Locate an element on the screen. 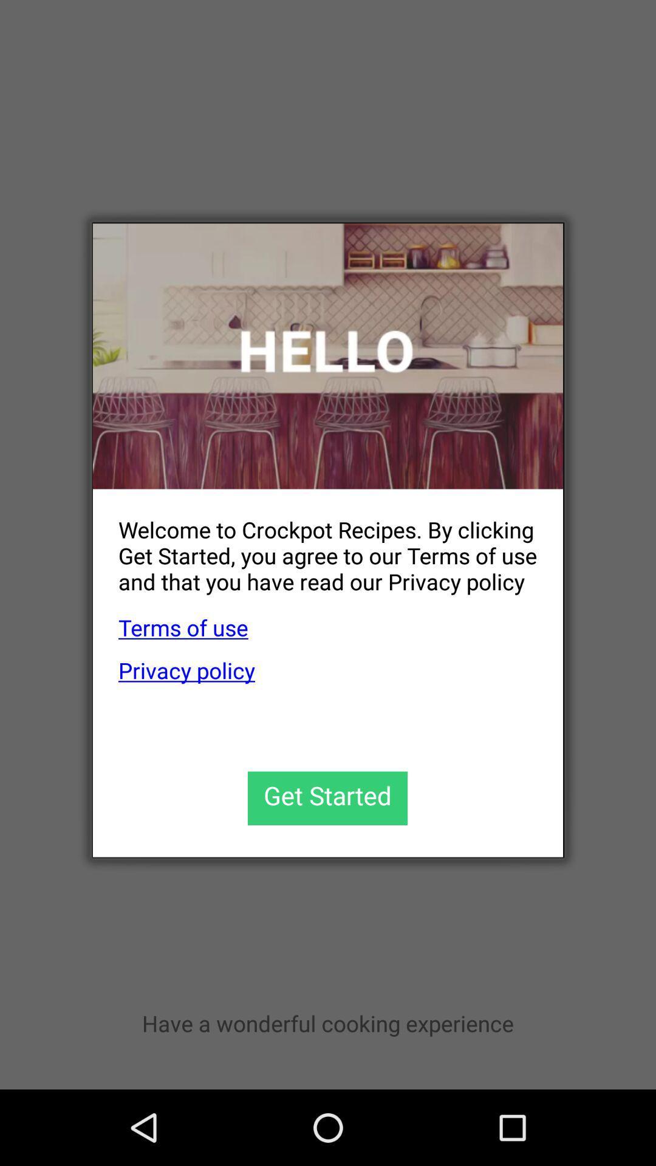 The image size is (656, 1166). app is located at coordinates (327, 798).